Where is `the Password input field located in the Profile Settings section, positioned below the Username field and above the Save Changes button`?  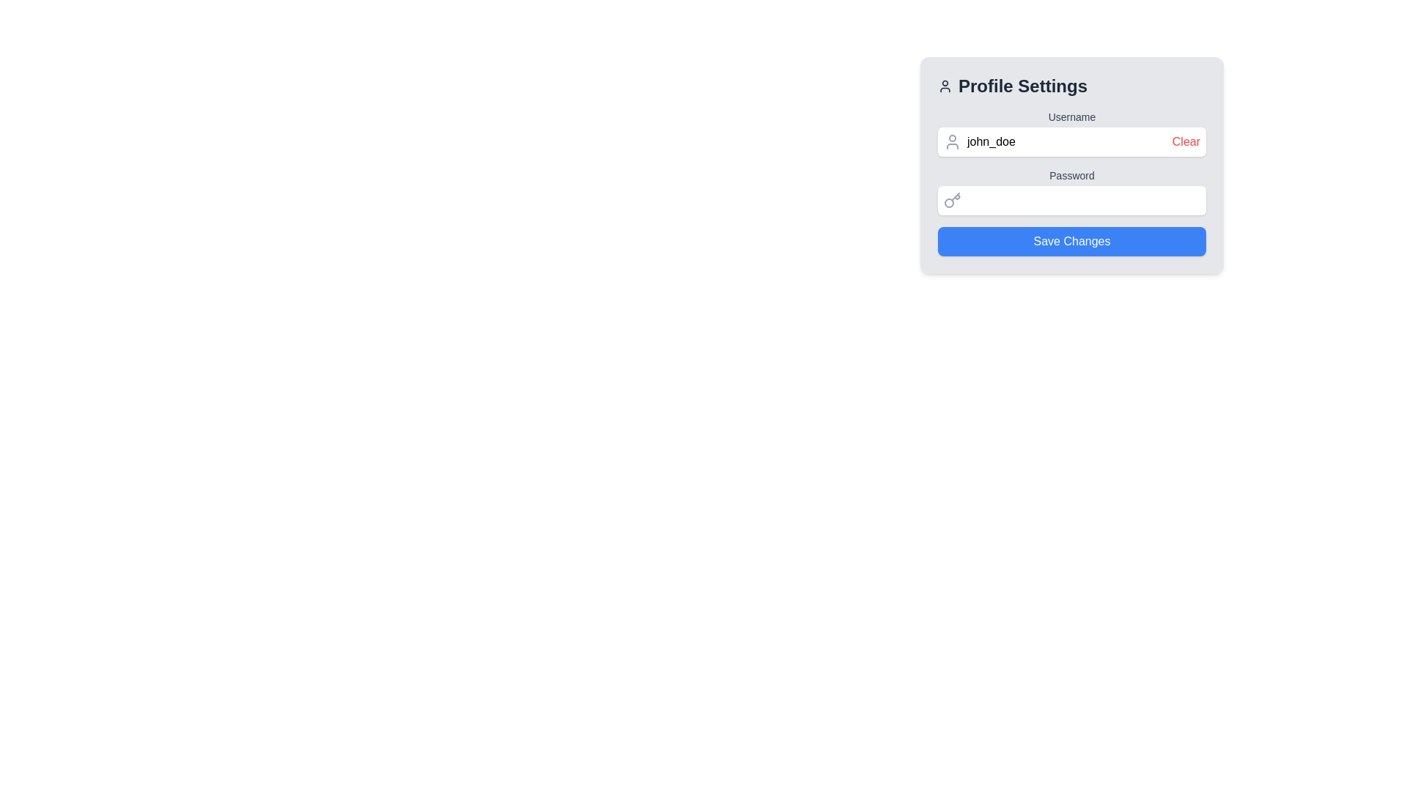
the Password input field located in the Profile Settings section, positioned below the Username field and above the Save Changes button is located at coordinates (1072, 191).